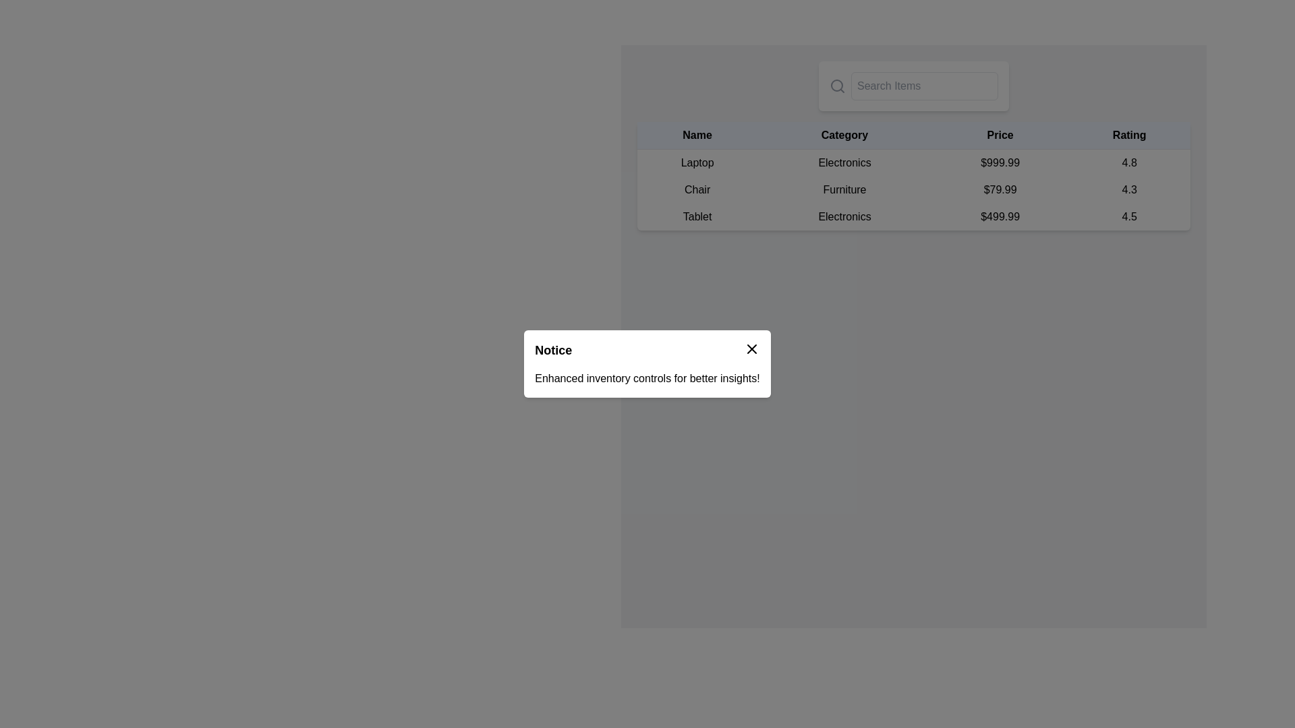 The width and height of the screenshot is (1295, 728). What do you see at coordinates (647, 379) in the screenshot?
I see `the static text element that reads 'Enhanced inventory controls for better insights!' which is located beneath the 'Notice' label in a white rounded rectangle` at bounding box center [647, 379].